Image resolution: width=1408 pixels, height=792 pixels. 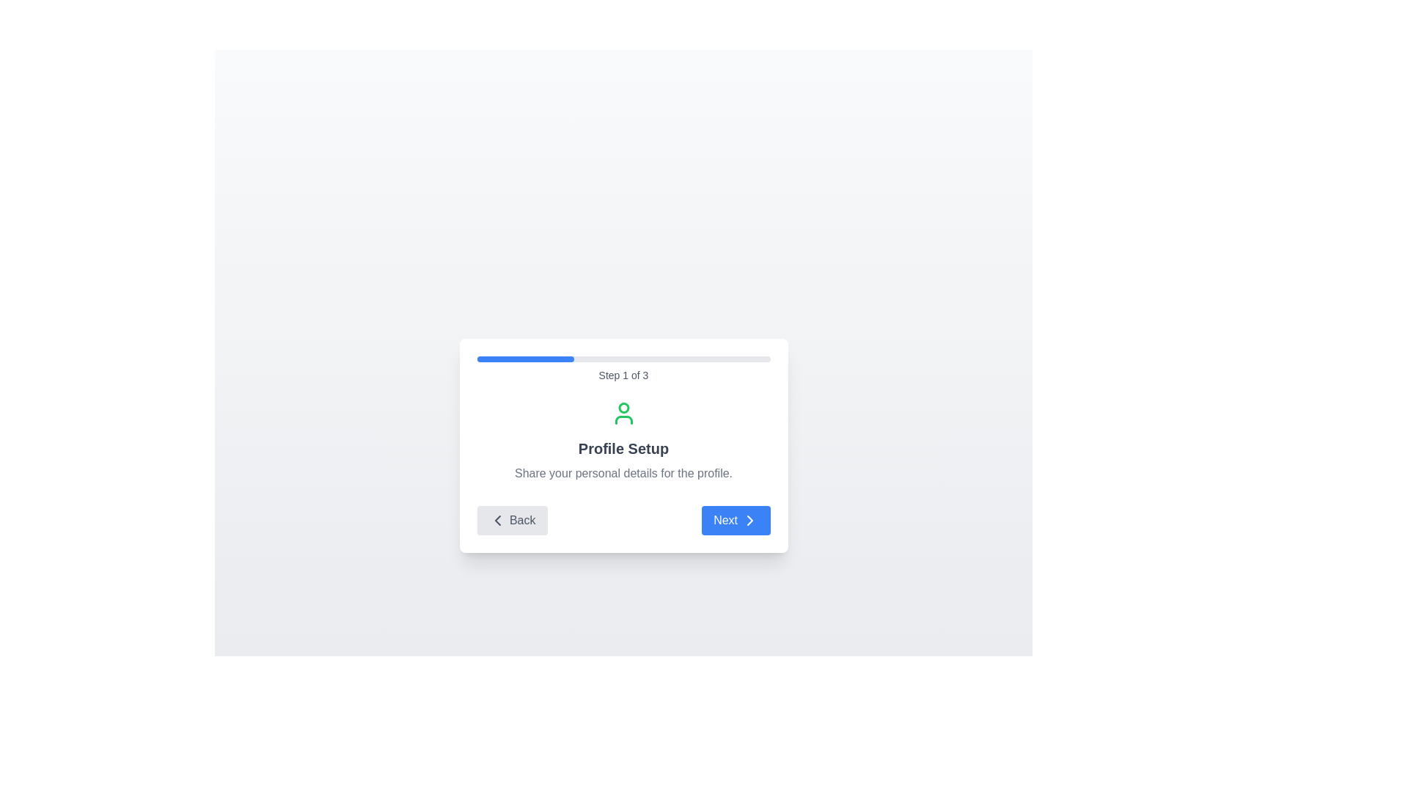 I want to click on the progress bar located at the top of the card, which visually indicates progress through a multi-step process, currently showing Step 1 of 3, so click(x=623, y=359).